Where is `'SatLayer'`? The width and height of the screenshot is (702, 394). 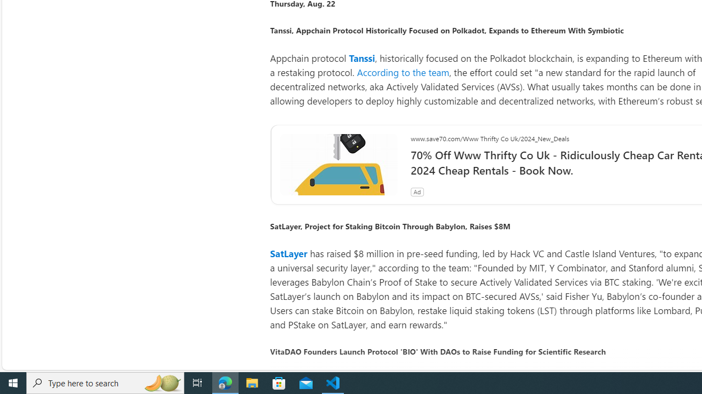
'SatLayer' is located at coordinates (288, 253).